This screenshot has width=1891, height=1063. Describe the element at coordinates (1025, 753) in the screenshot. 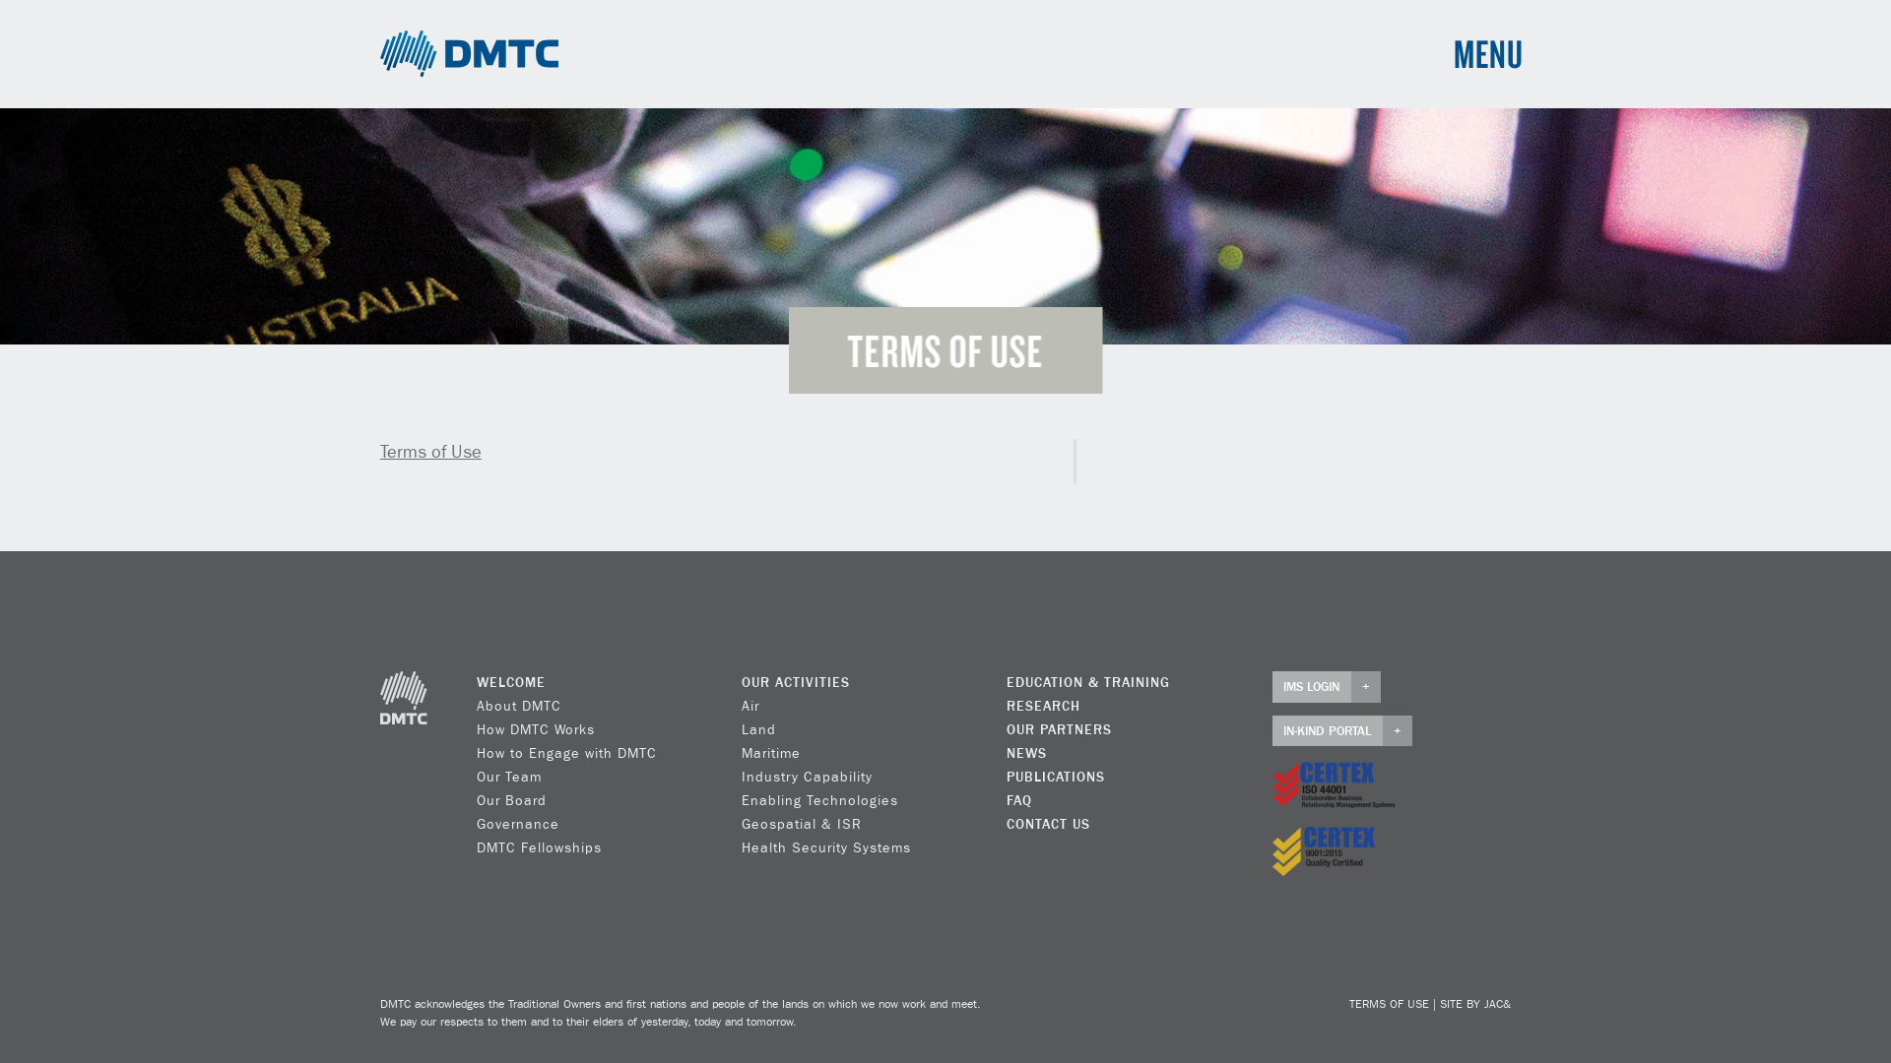

I see `'NEWS'` at that location.